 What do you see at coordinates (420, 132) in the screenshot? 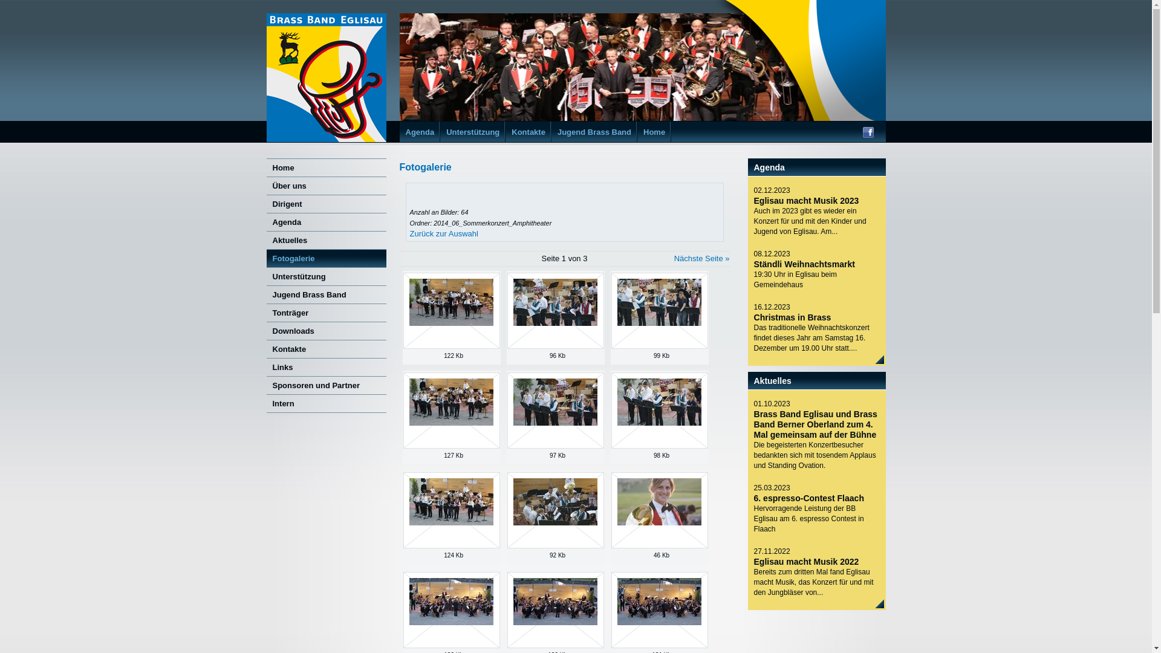
I see `'Agenda'` at bounding box center [420, 132].